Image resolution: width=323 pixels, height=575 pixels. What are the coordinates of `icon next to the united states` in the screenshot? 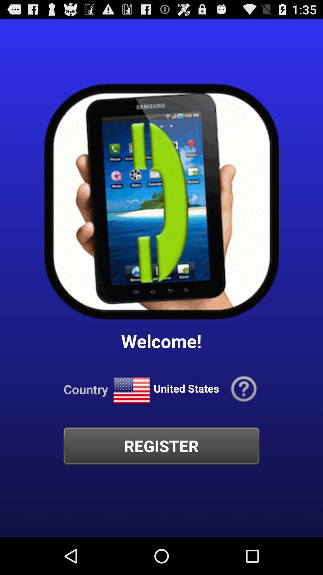 It's located at (131, 391).